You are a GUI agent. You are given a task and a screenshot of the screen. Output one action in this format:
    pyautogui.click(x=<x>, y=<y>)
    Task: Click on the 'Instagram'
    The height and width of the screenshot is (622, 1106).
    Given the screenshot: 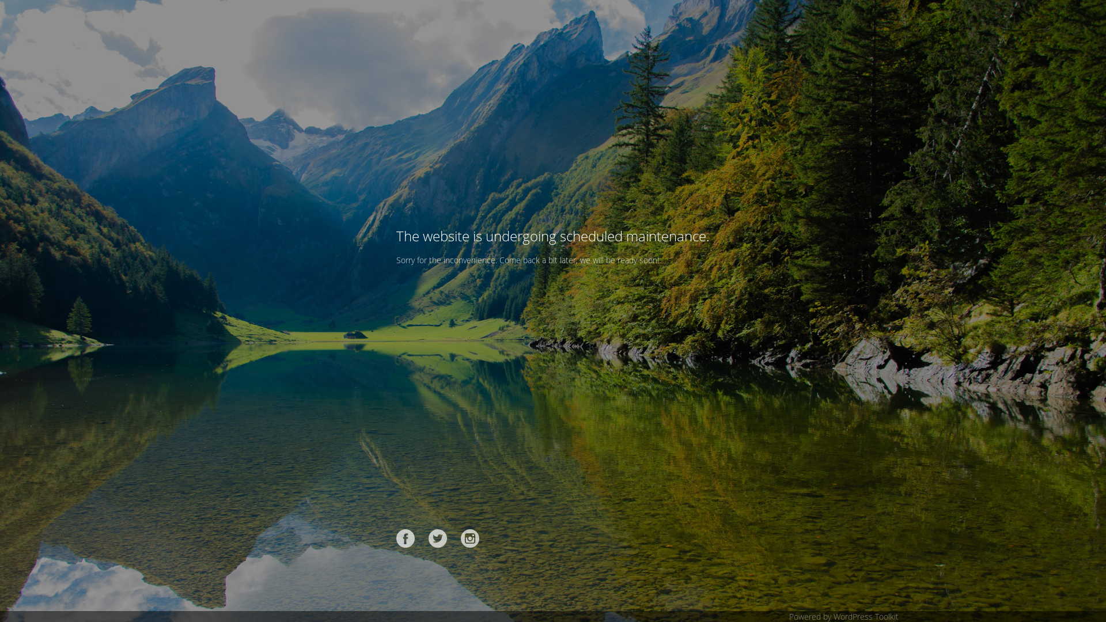 What is the action you would take?
    pyautogui.click(x=470, y=538)
    